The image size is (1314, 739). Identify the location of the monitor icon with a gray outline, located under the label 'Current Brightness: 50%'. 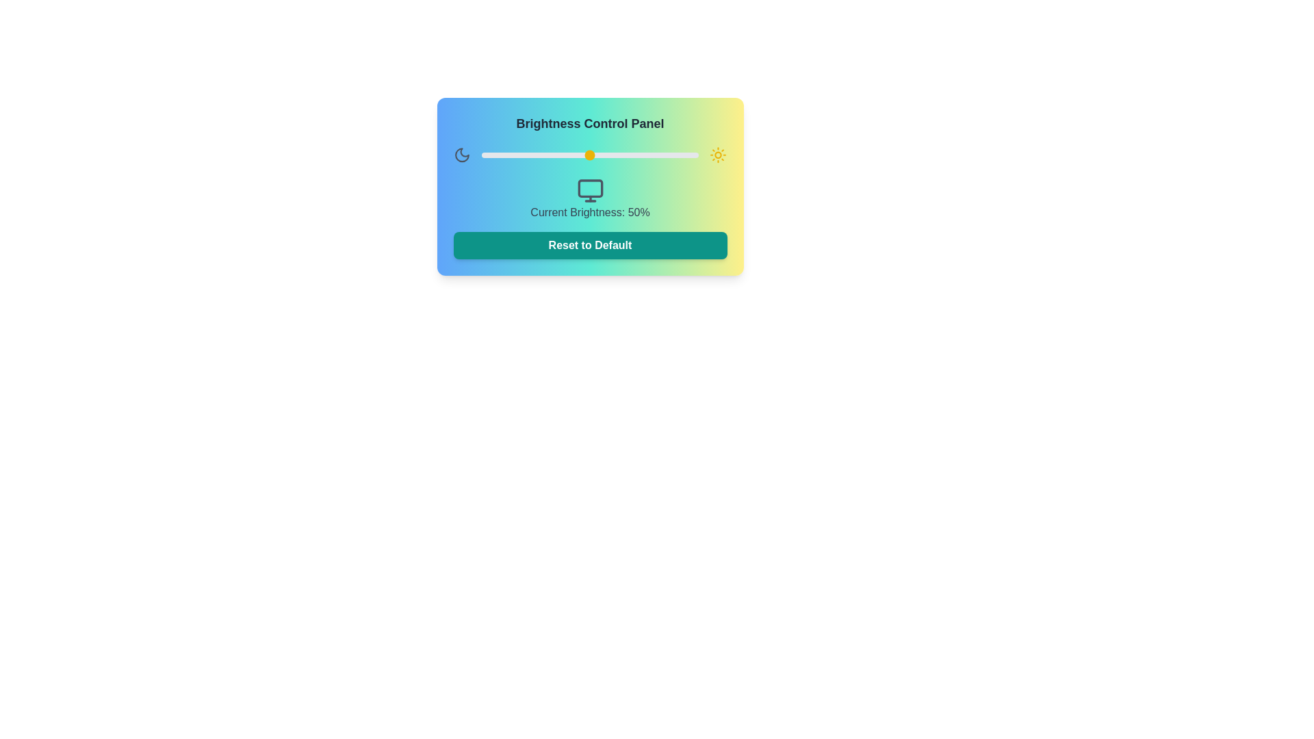
(590, 190).